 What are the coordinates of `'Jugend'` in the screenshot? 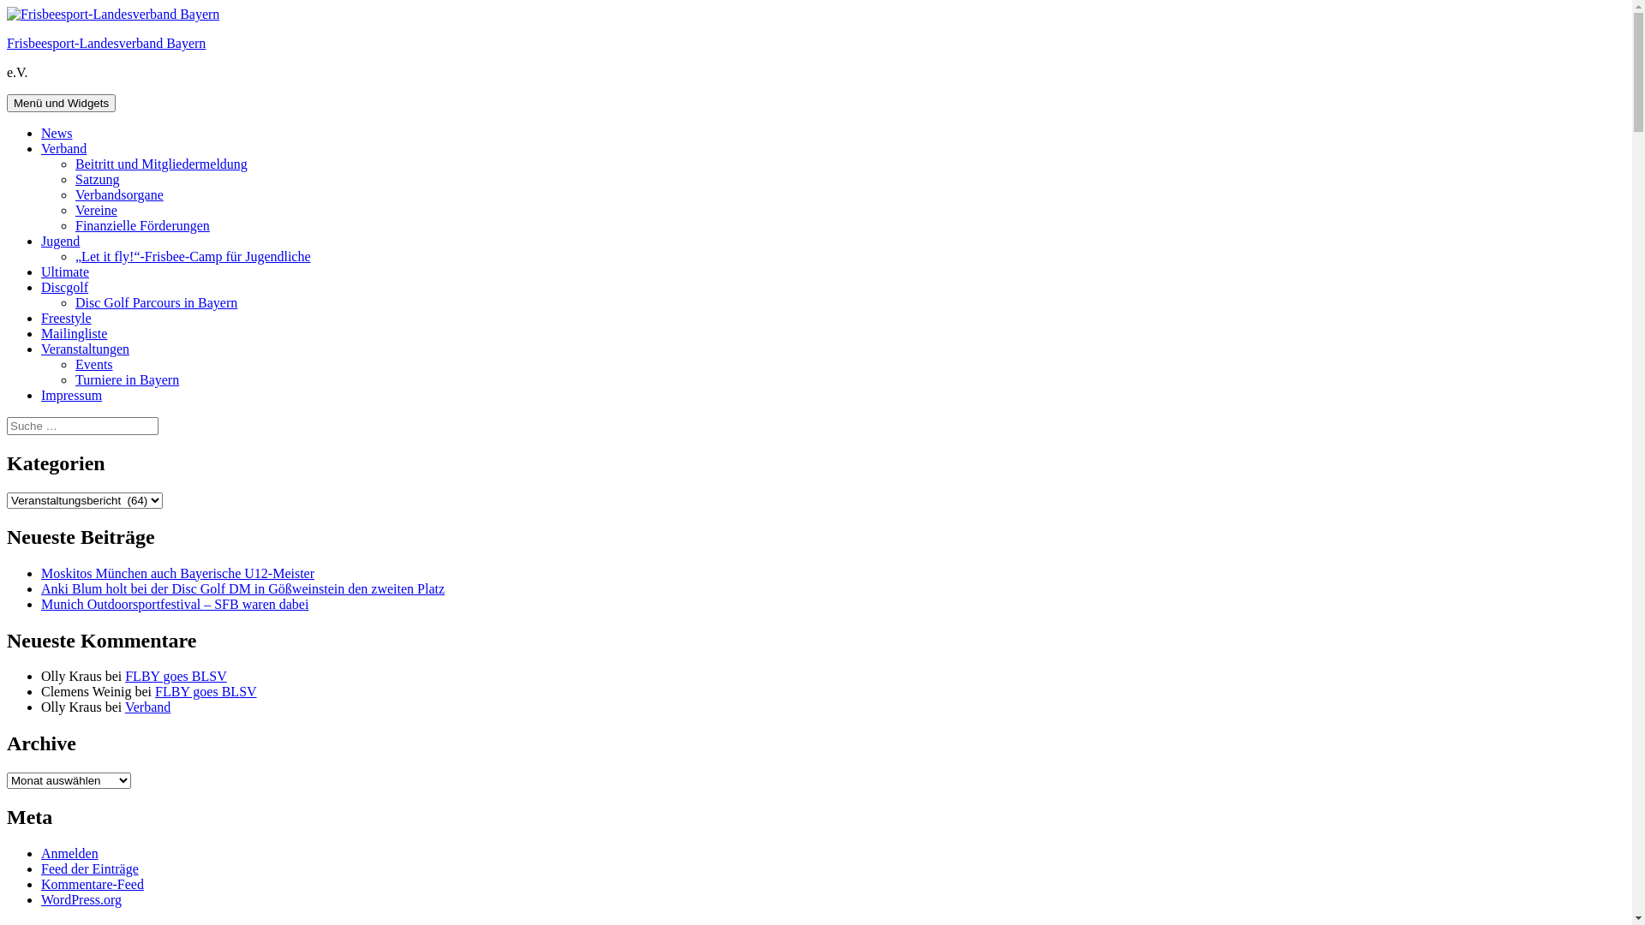 It's located at (60, 241).